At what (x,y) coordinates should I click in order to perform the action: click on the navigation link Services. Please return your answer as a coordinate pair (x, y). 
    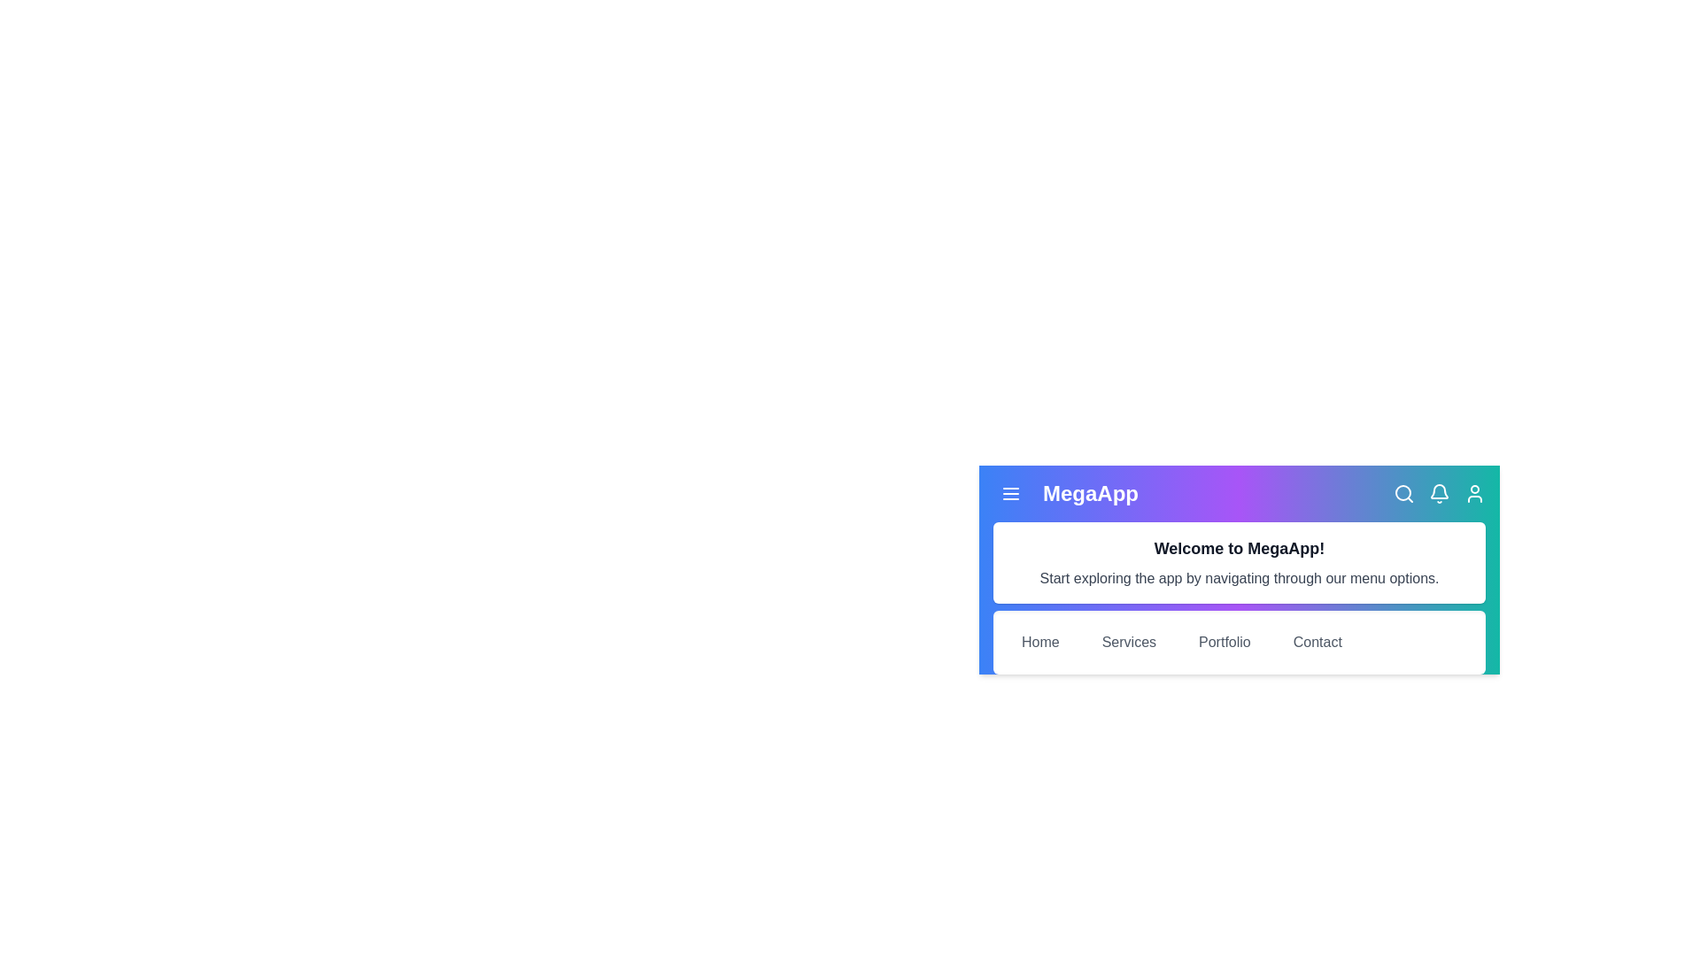
    Looking at the image, I should click on (1128, 642).